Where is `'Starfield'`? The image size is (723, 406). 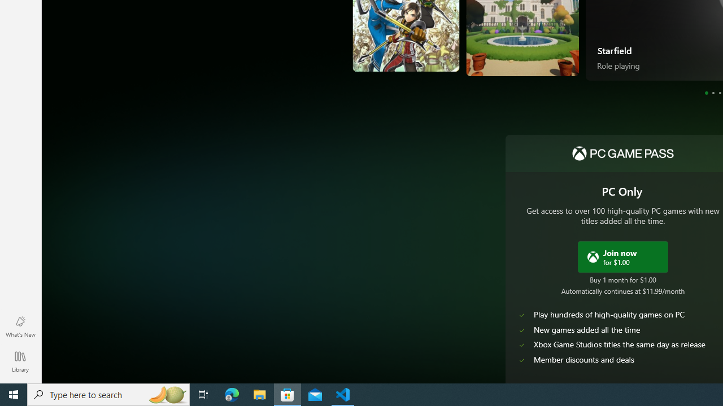
'Starfield' is located at coordinates (614, 49).